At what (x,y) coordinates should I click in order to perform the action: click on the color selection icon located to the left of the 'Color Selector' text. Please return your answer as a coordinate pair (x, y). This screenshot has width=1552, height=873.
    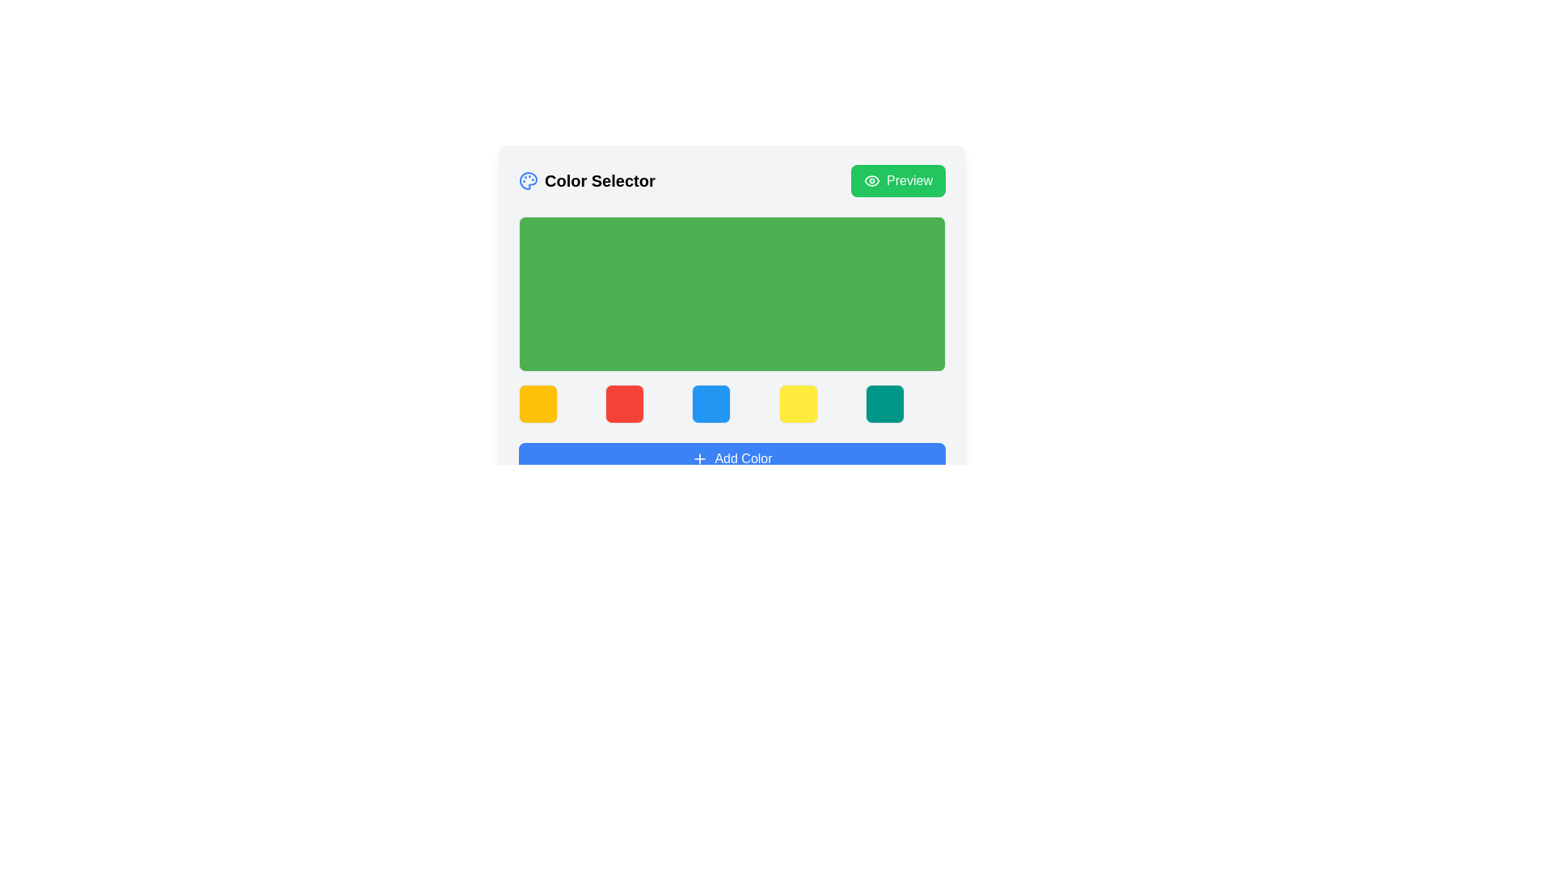
    Looking at the image, I should click on (528, 180).